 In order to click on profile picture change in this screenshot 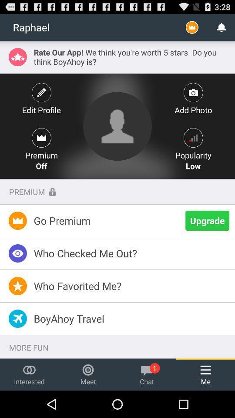, I will do `click(117, 126)`.